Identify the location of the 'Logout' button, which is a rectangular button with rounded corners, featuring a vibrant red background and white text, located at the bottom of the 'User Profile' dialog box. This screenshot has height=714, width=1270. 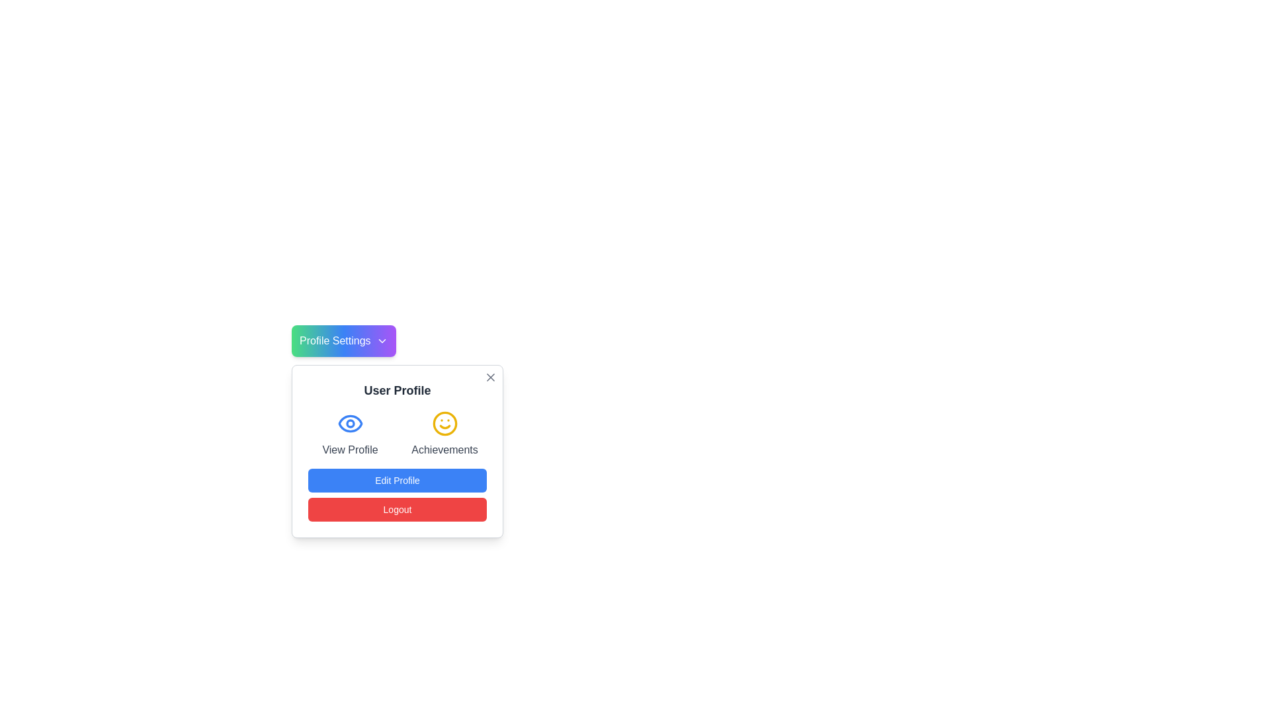
(396, 509).